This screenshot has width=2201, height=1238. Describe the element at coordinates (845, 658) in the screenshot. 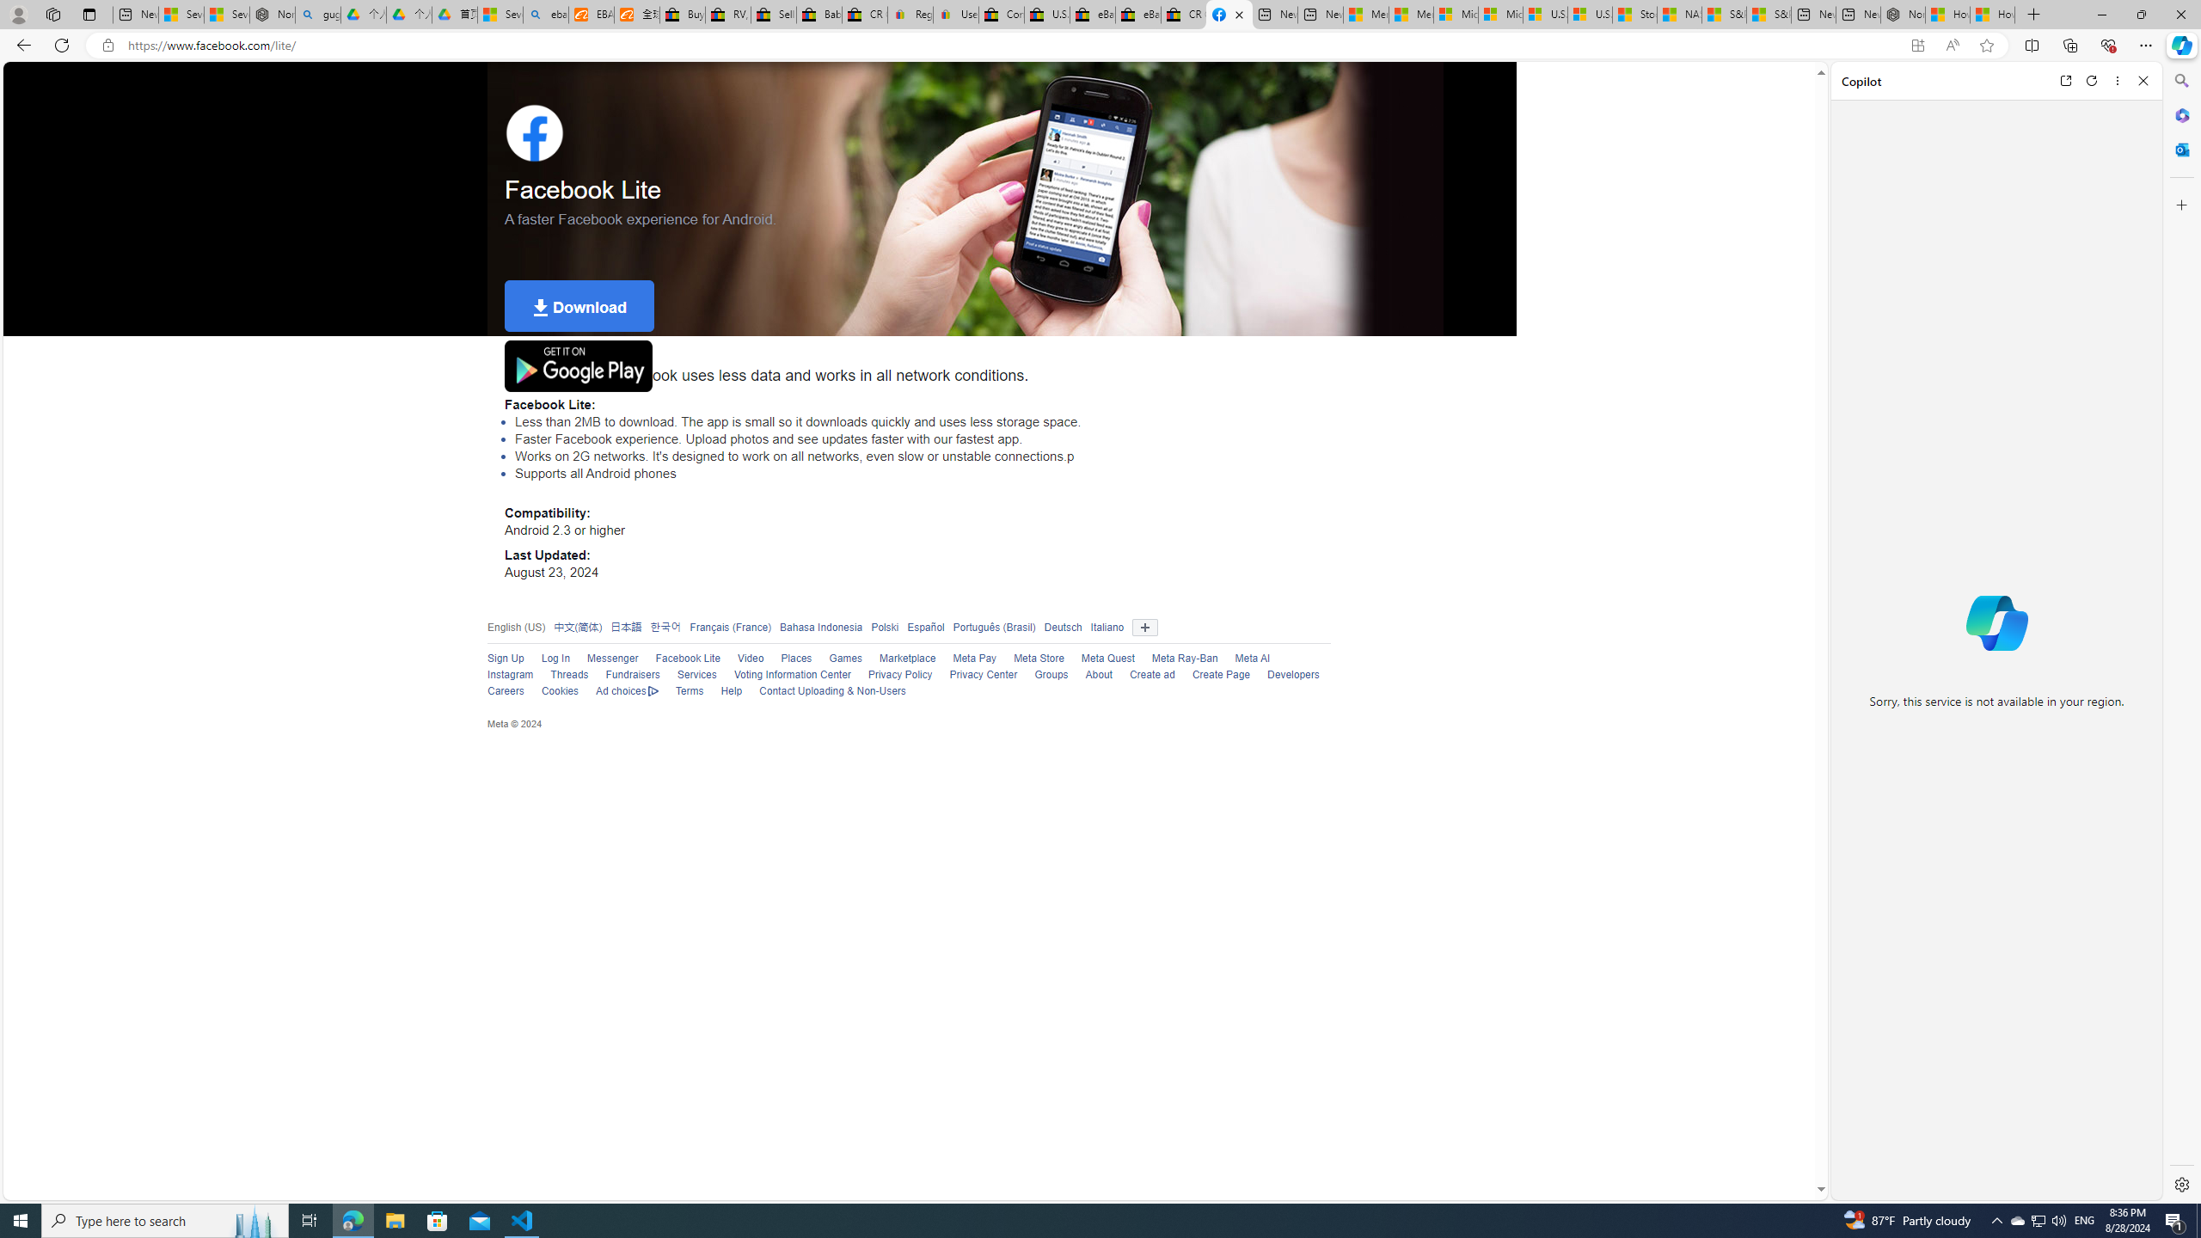

I see `'Games'` at that location.